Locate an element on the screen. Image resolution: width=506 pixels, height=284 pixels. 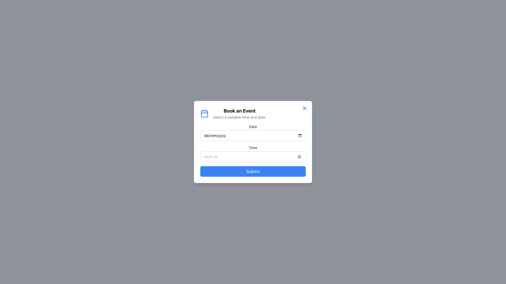
text of the header label that signifies the primary purpose of the modal interface for booking an event is located at coordinates (239, 110).